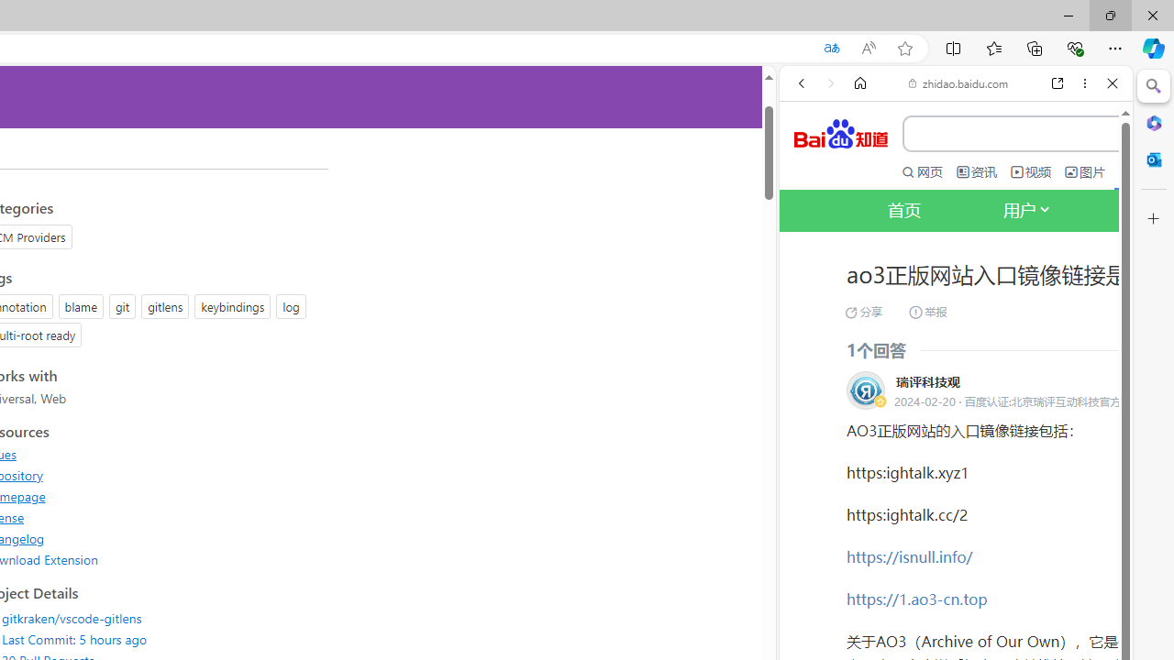  Describe the element at coordinates (1035, 47) in the screenshot. I see `'Collections'` at that location.